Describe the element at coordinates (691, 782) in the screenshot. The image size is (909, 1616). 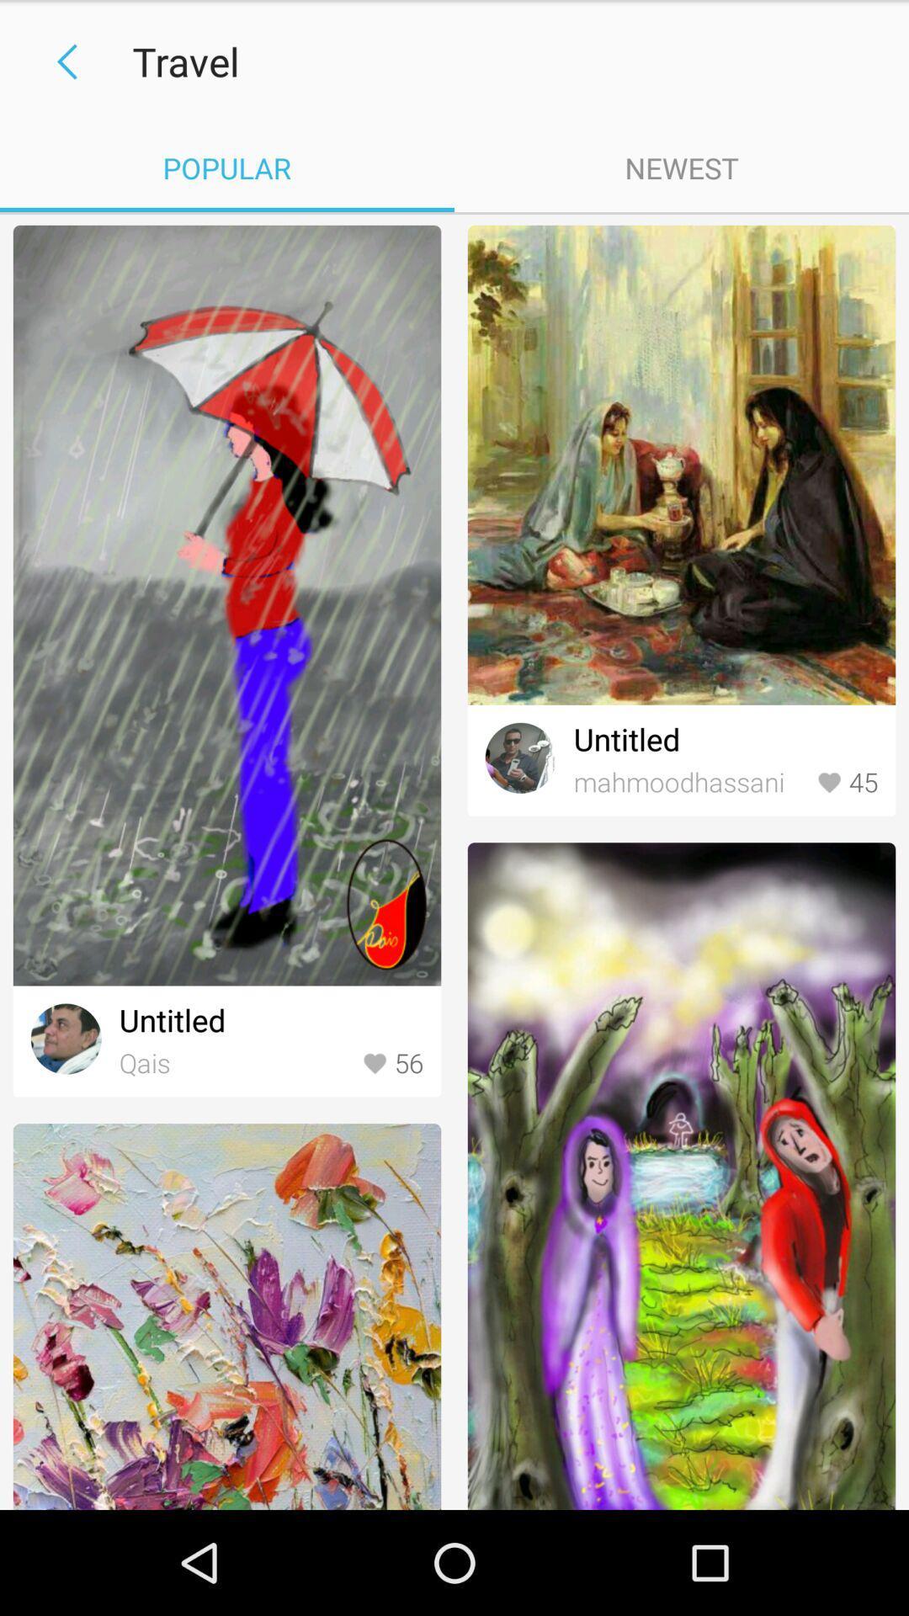
I see `the icon next to 45 icon` at that location.